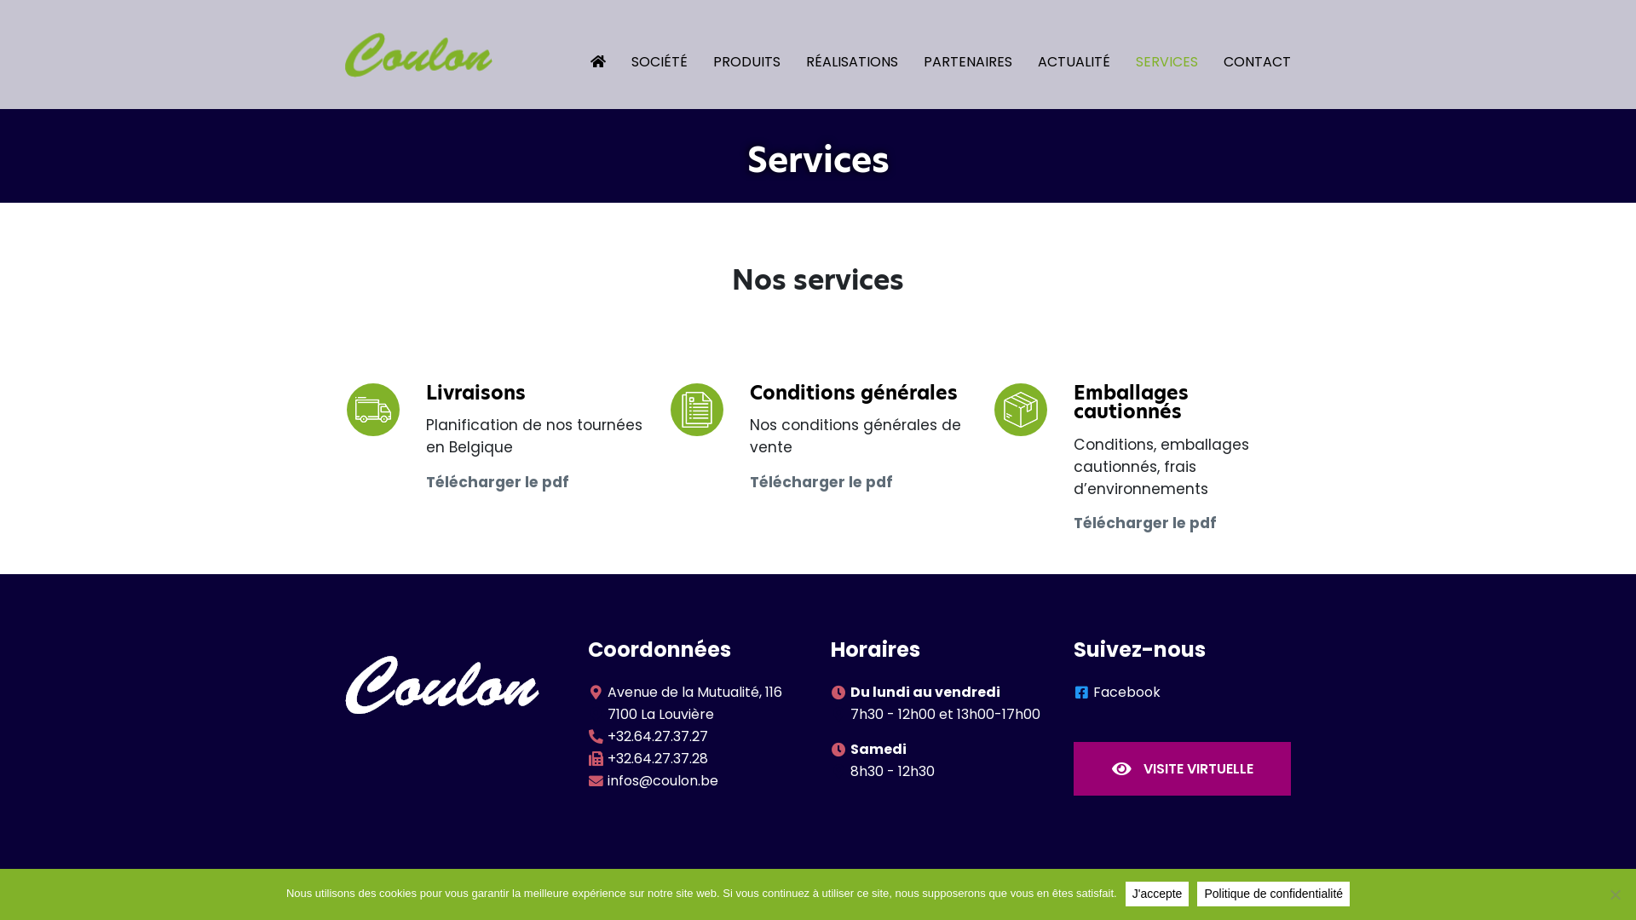 The width and height of the screenshot is (1636, 920). What do you see at coordinates (1126, 692) in the screenshot?
I see `'Facebook'` at bounding box center [1126, 692].